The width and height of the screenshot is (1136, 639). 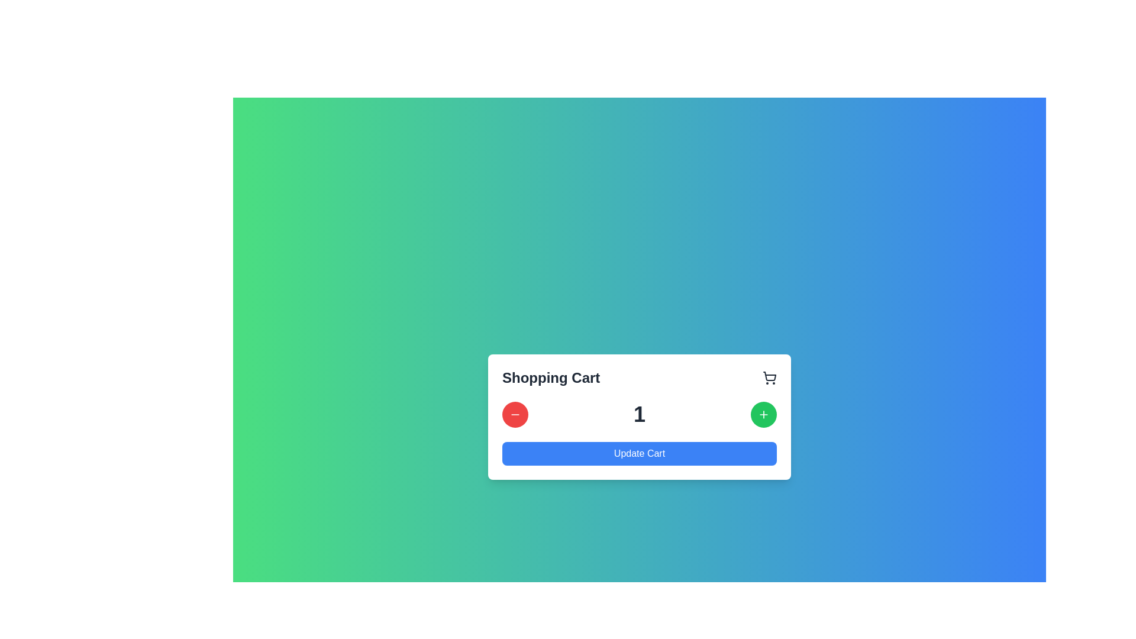 I want to click on the 'Update Cart' button, which is a rectangular button with a blue background and white text, located at the bottom of the shopping cart section, so click(x=638, y=453).